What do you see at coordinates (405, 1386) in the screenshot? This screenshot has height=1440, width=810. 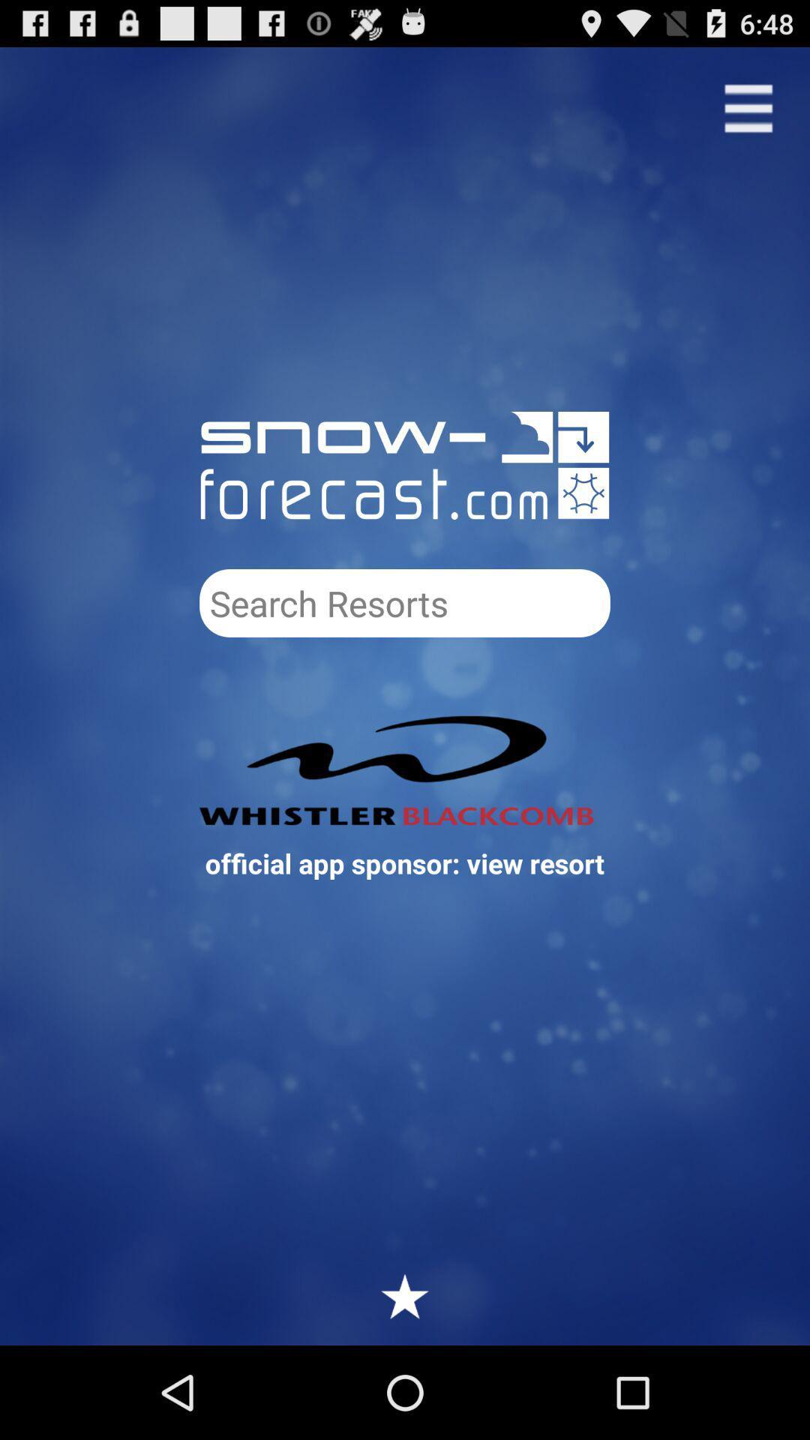 I see `the star icon` at bounding box center [405, 1386].